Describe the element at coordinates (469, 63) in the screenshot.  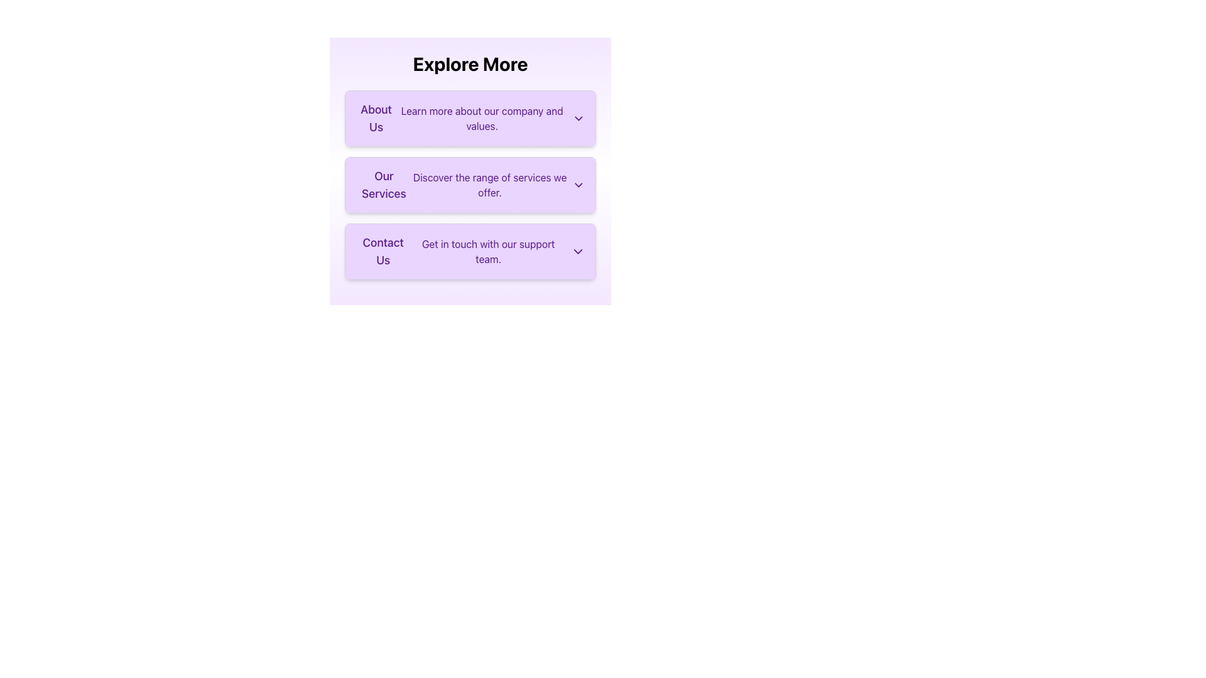
I see `the 'Explore More' header text element, which is bold and large, positioned at the top of the content area and centered horizontally` at that location.